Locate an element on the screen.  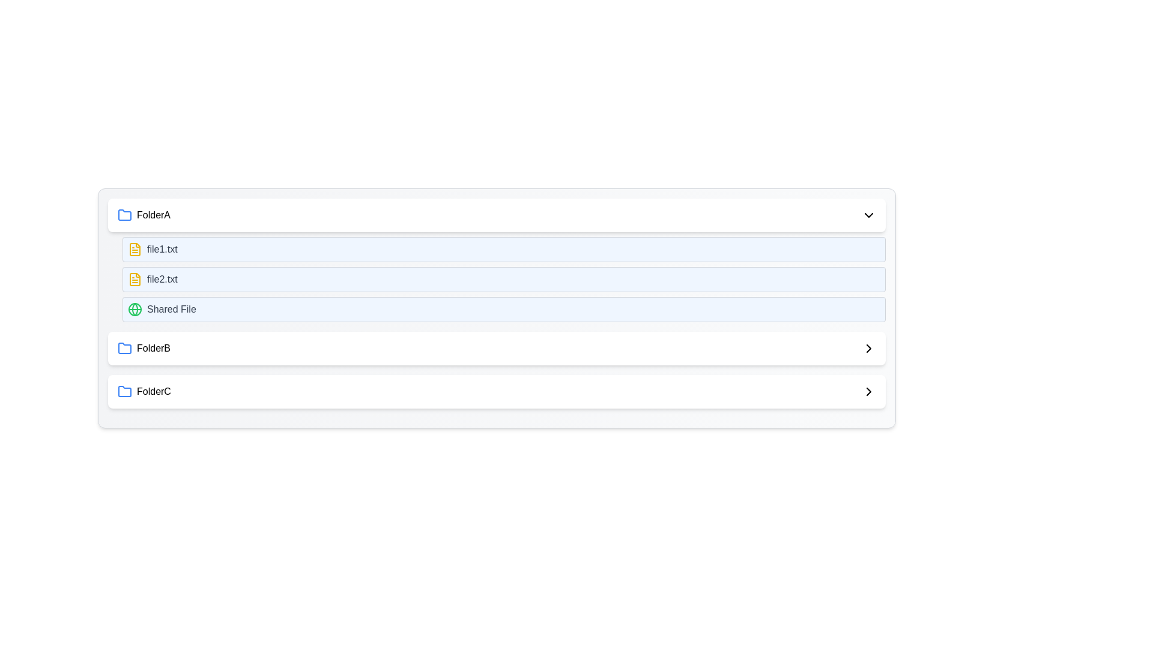
the downward-pointing chevron icon at the far-right end of the 'FolderA' row is located at coordinates (868, 214).